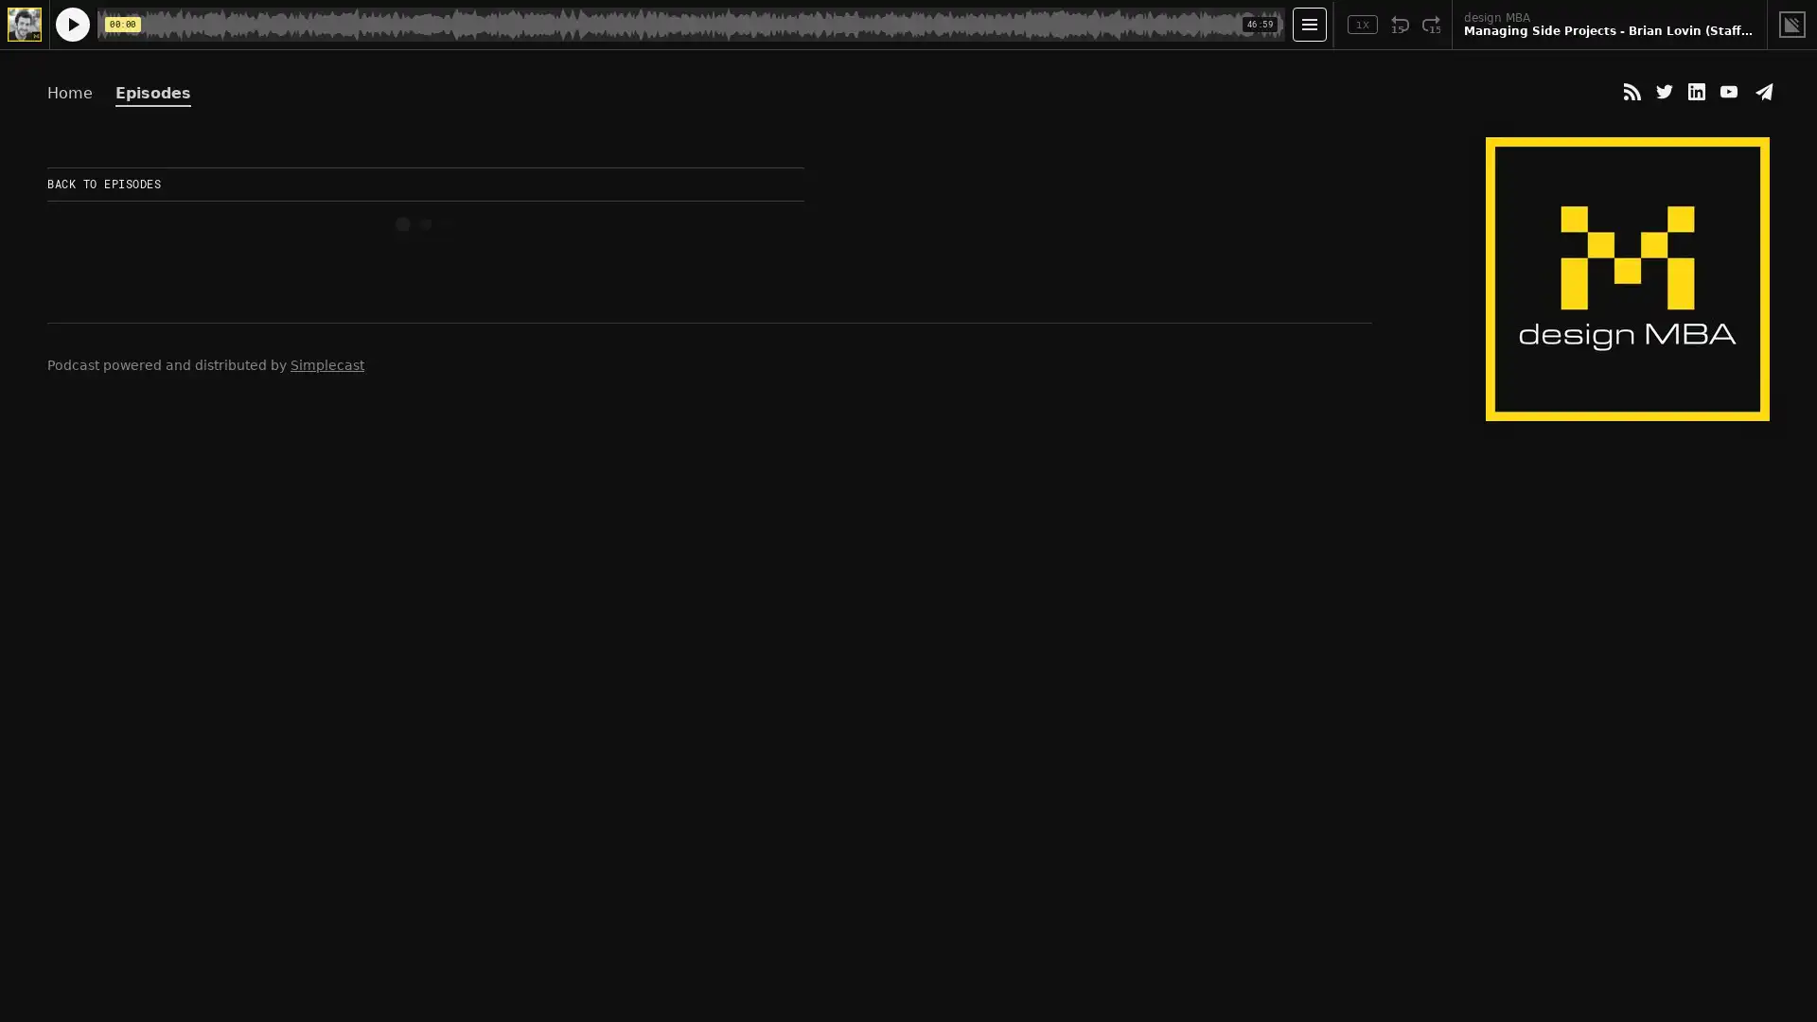 Image resolution: width=1817 pixels, height=1022 pixels. I want to click on Fast Forward 15 Seconds, so click(1431, 25).